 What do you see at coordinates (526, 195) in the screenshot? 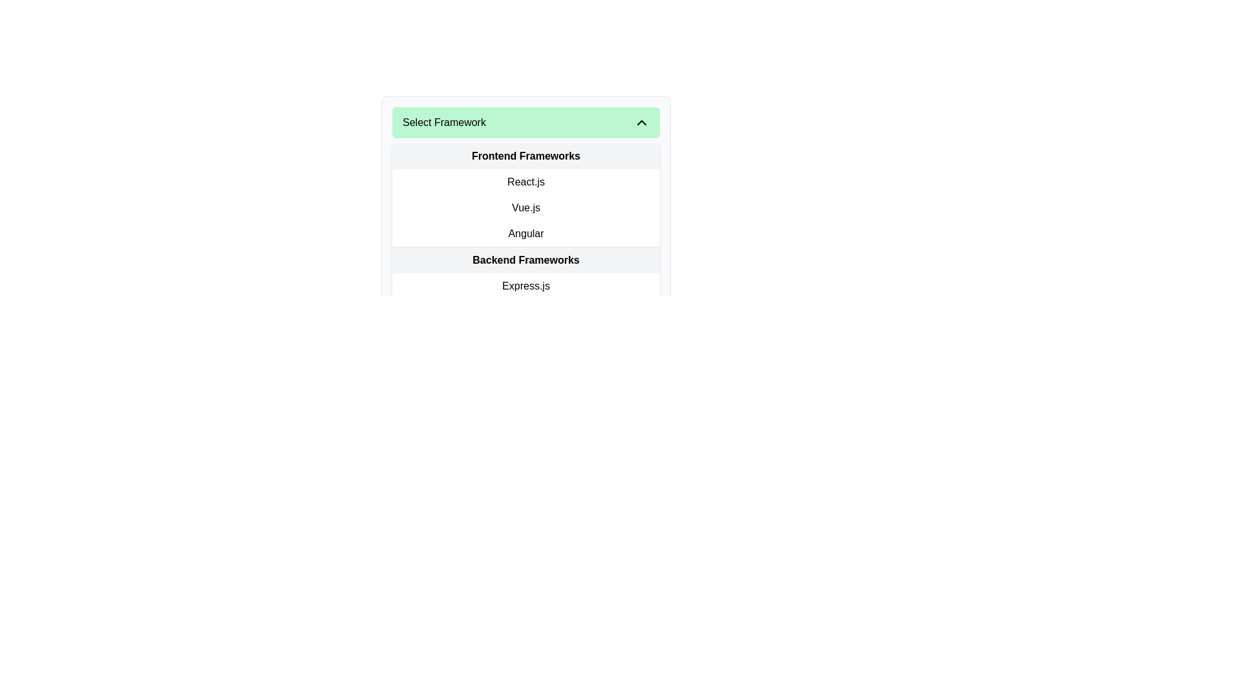
I see `the list item 'Vue.js' within the 'Frontend Frameworks' categorized list` at bounding box center [526, 195].